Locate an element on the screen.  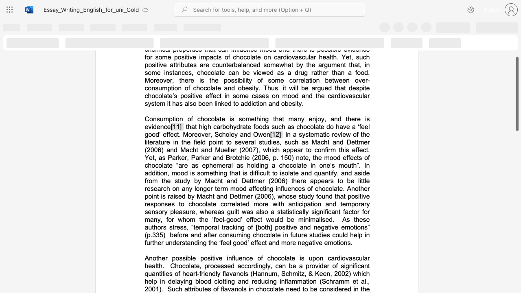
the scrollbar and move down 900 pixels is located at coordinates (517, 94).